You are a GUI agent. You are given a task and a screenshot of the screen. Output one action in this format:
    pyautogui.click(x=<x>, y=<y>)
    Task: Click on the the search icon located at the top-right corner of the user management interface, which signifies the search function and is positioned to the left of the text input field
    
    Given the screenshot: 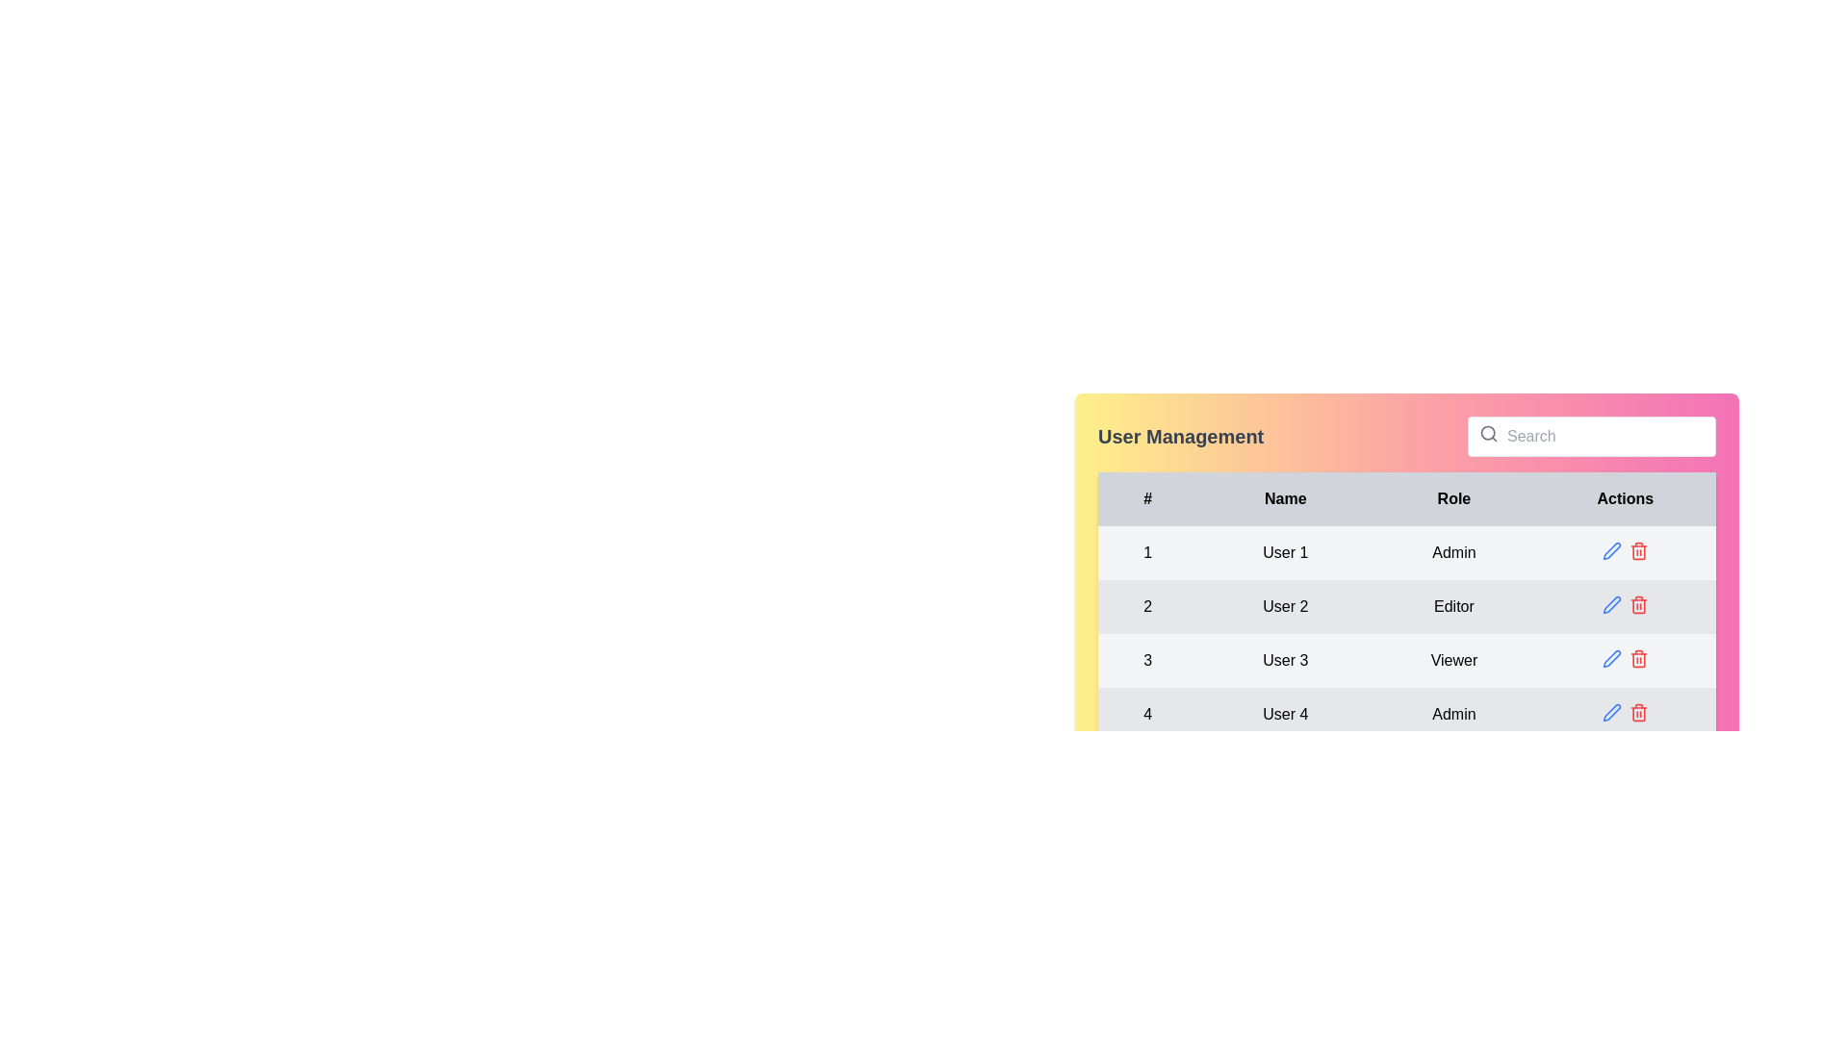 What is the action you would take?
    pyautogui.click(x=1487, y=434)
    